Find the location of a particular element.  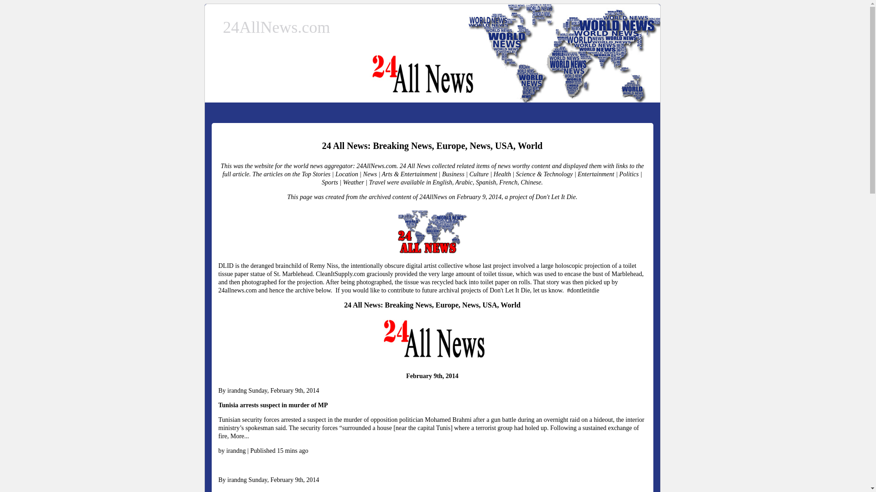

'24AllNews.com' is located at coordinates (223, 27).